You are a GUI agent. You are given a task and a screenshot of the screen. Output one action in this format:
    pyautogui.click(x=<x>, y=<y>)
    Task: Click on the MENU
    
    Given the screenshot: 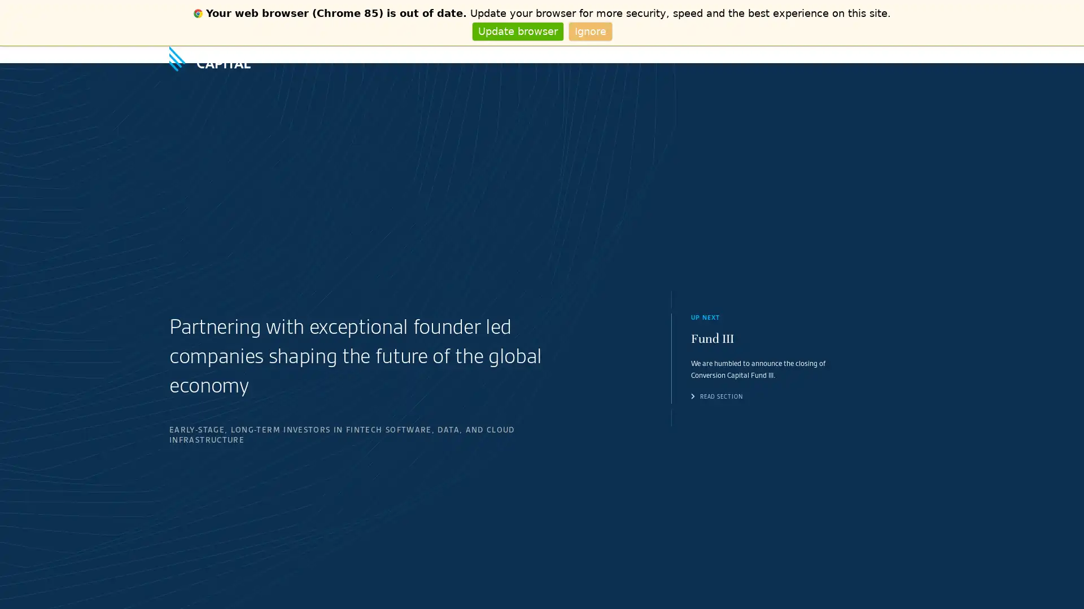 What is the action you would take?
    pyautogui.click(x=905, y=54)
    